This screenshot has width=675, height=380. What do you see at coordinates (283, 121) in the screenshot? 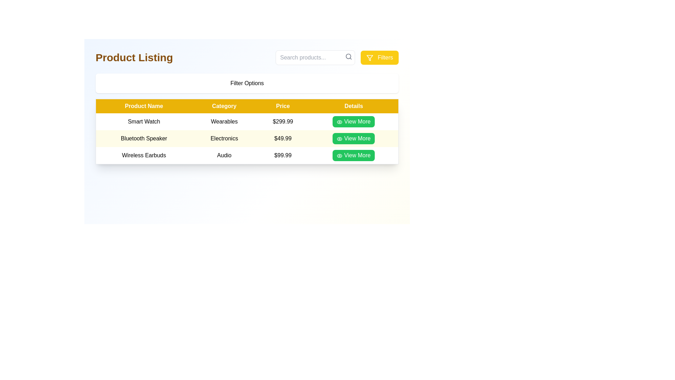
I see `the text displaying the price '$299.99' in the first row of the table under the 'Price' header, aligned with 'Smart Watch' and 'Wearables'` at bounding box center [283, 121].